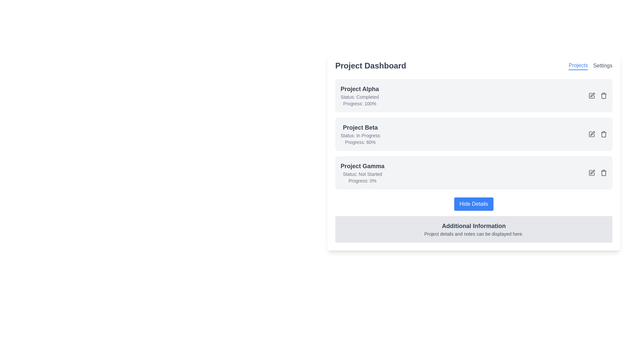 This screenshot has height=359, width=638. What do you see at coordinates (590, 65) in the screenshot?
I see `the navigation link group located at the top-right corner of the interface, next to the title 'Project Dashboard'` at bounding box center [590, 65].